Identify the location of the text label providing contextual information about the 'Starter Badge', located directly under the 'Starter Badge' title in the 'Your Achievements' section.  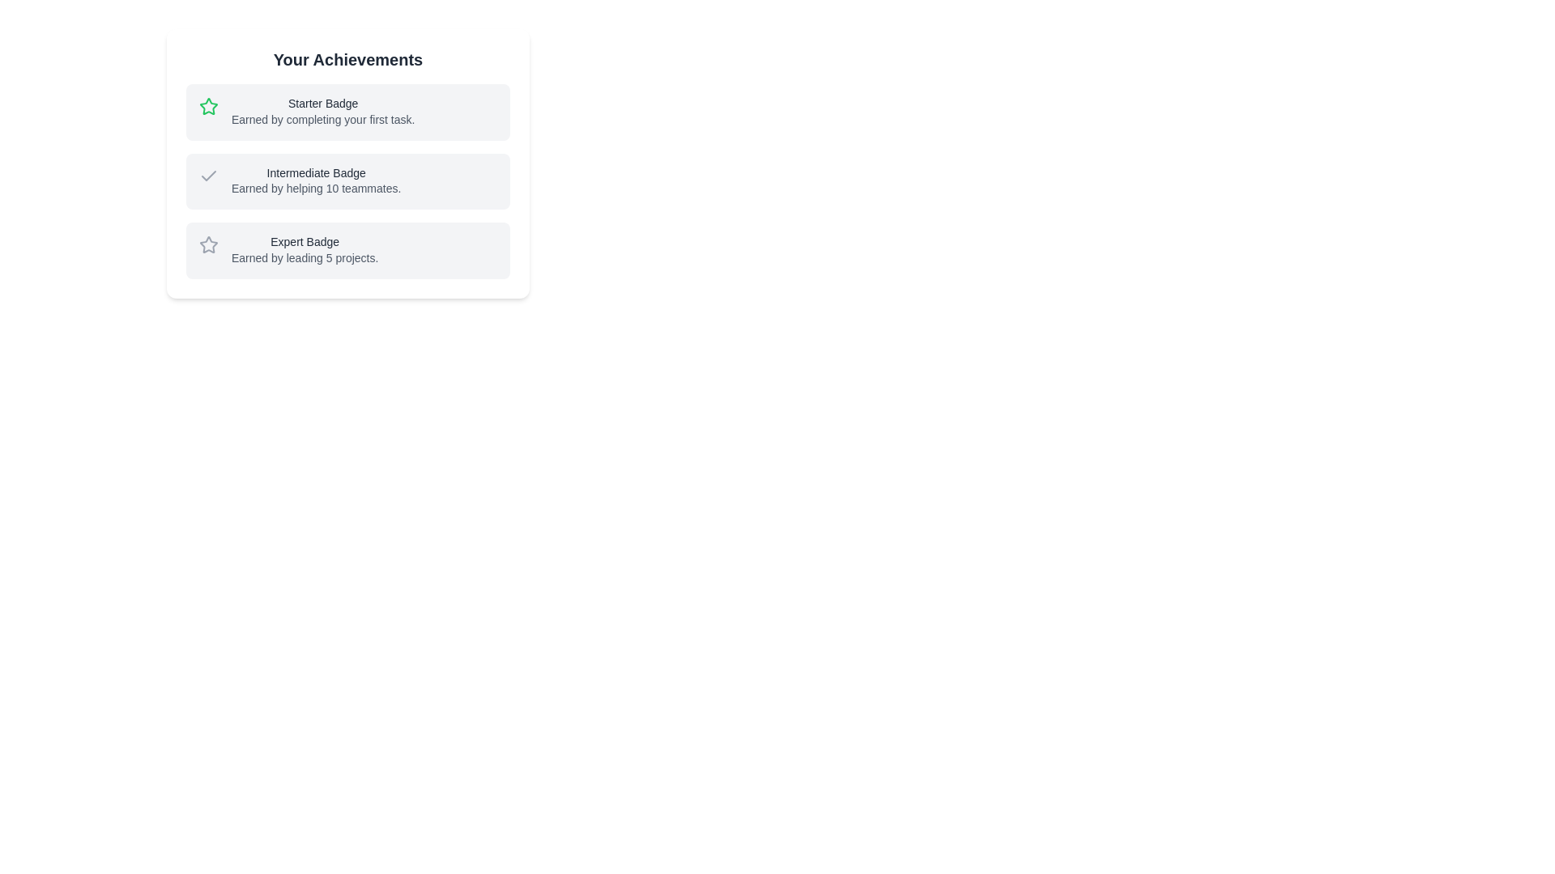
(323, 118).